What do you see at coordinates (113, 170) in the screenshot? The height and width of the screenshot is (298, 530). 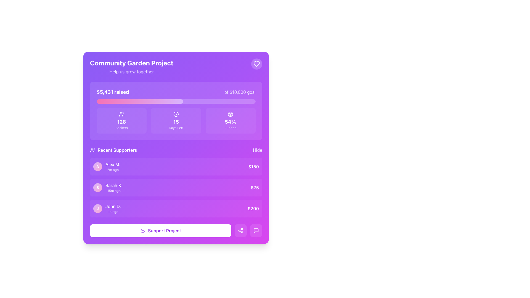 I see `text displayed in the small purple text label that shows '2m ago', located directly below the text 'Alex M.'` at bounding box center [113, 170].